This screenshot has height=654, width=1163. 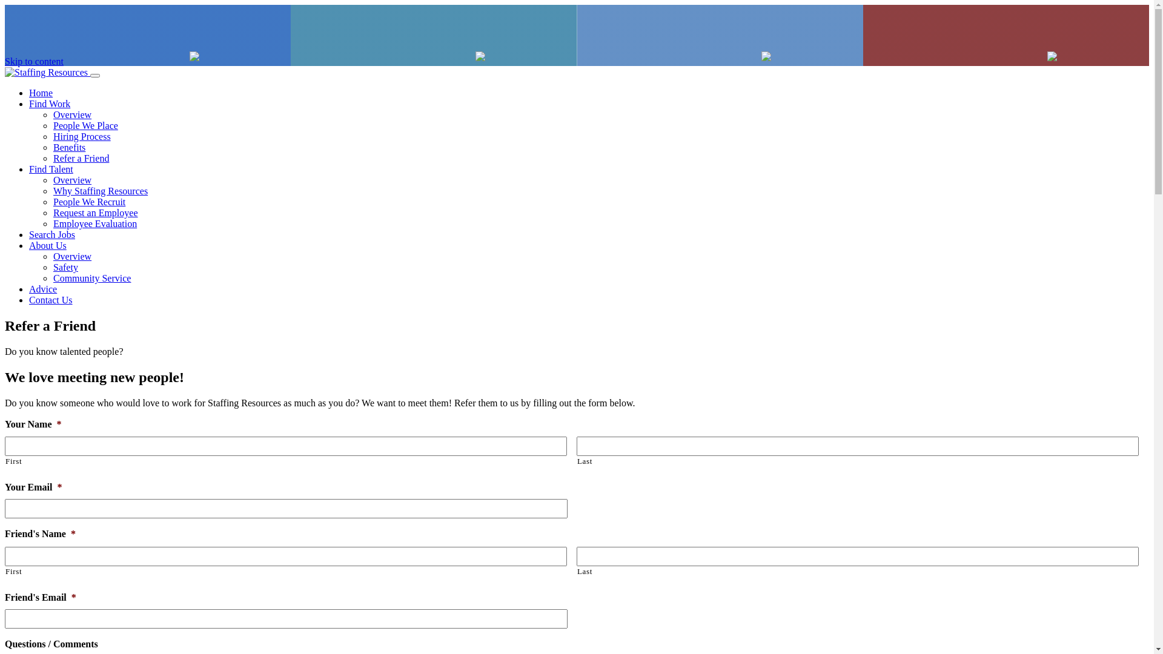 I want to click on 'Home', so click(x=29, y=92).